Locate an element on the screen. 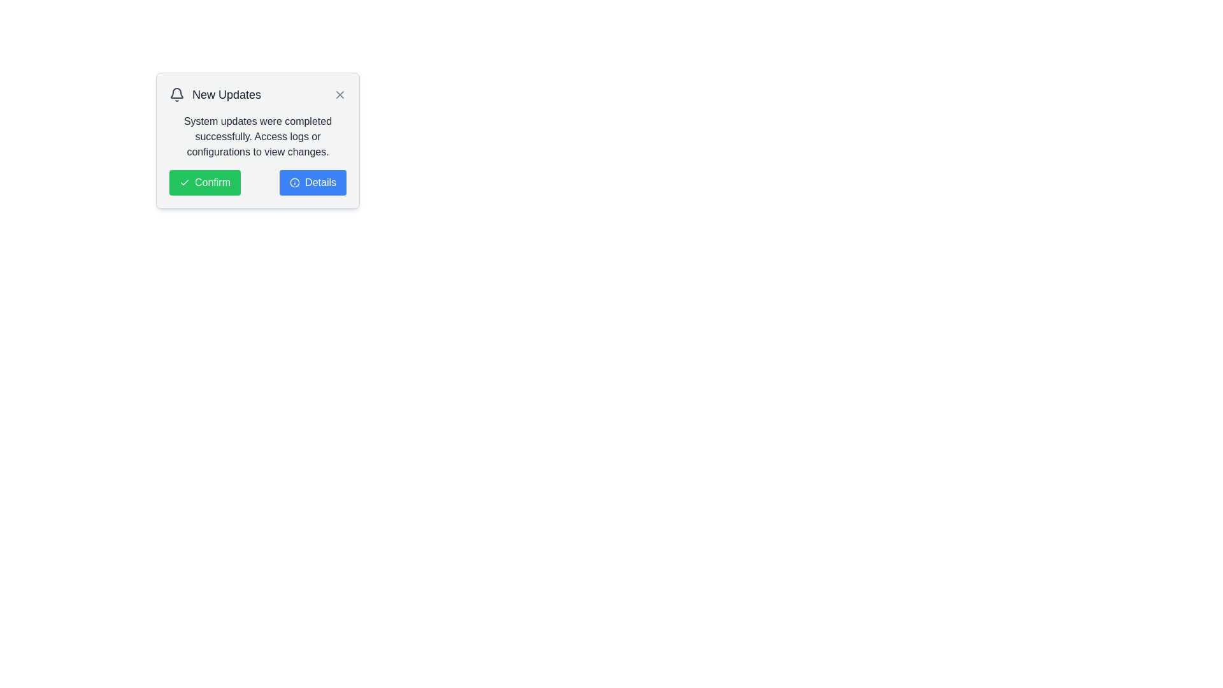 Image resolution: width=1223 pixels, height=688 pixels. the green confirmation button labeled 'Confirm' that contains the checkmark icon is located at coordinates (183, 182).